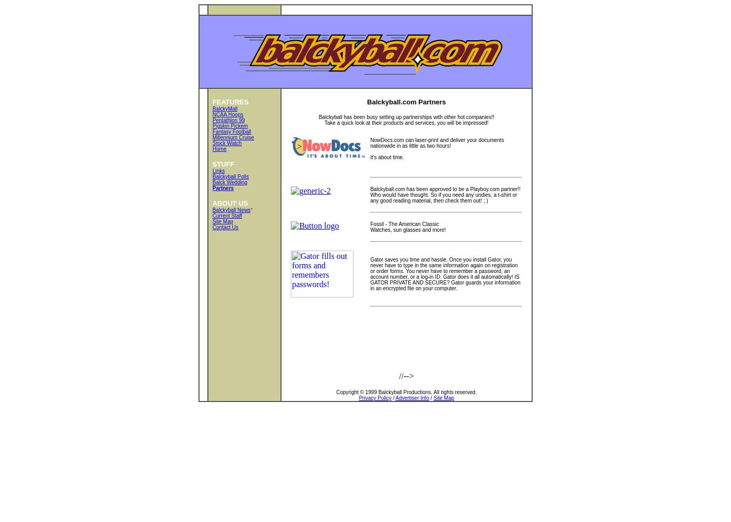 The height and width of the screenshot is (522, 731). Describe the element at coordinates (445, 274) in the screenshot. I see `'Gator 
              saves you time and hassle. Once you install Gator, you never have 
              to type in the same information again on registration or order forms. 
              You never have to remember a password, an account number, or a log-in 
              ID. Gator does it all automatically! IS GATOR PRIVATE AND SECURE? 
              Gator guards your information in an encrypted file on your computer.'` at that location.